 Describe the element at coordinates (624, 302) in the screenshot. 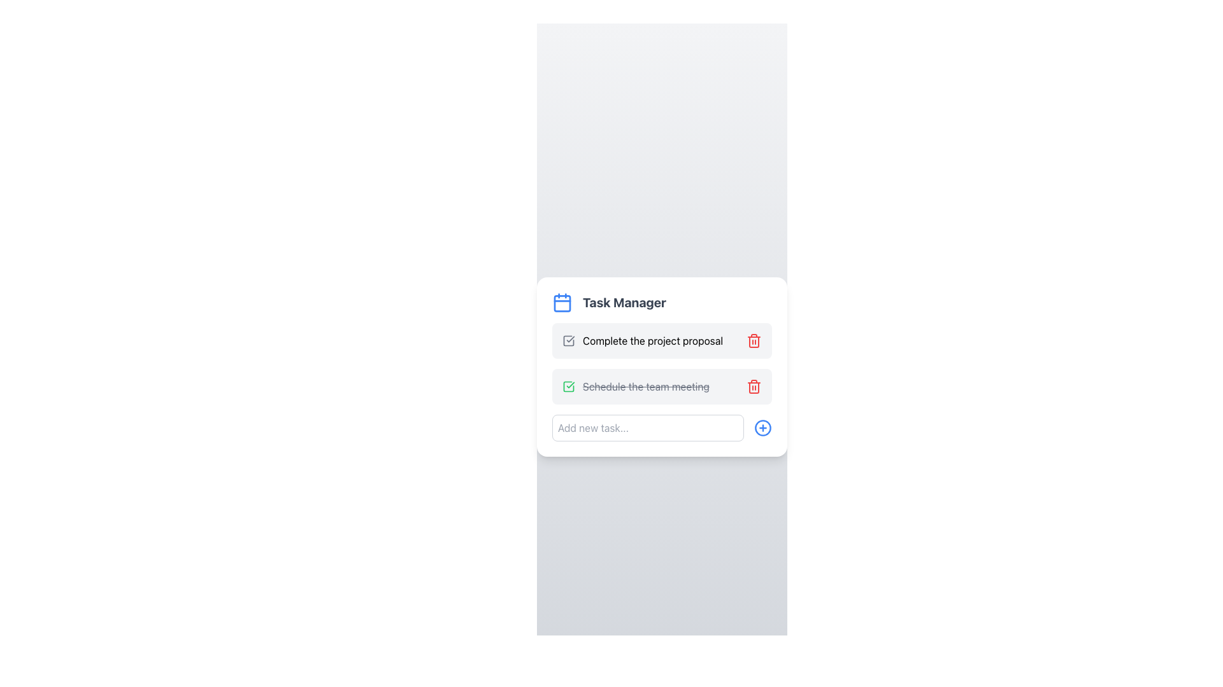

I see `the Text Label that serves as the title or heading of the section, positioned to the right of a blue calendar icon, near the top-center of the interface panel` at that location.